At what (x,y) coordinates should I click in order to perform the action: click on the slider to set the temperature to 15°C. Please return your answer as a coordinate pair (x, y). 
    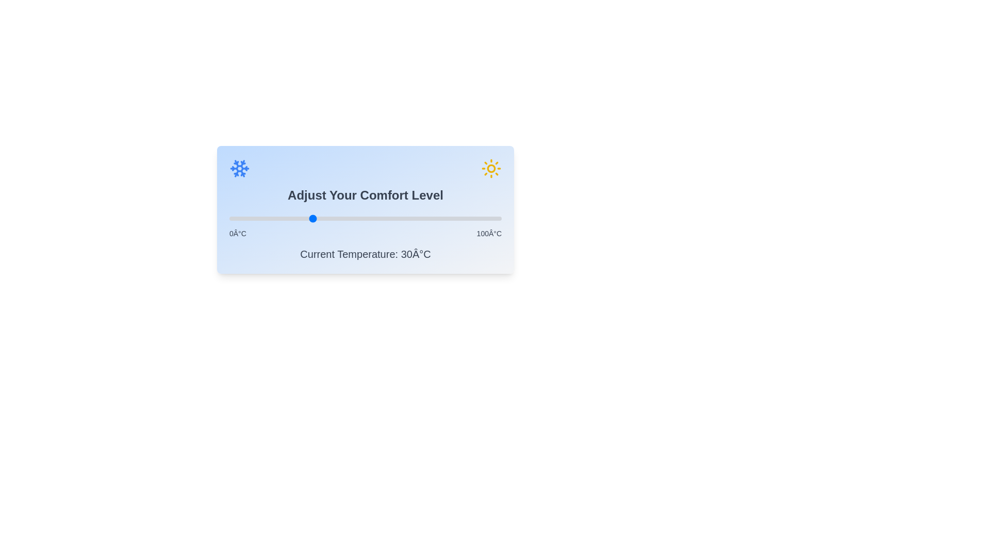
    Looking at the image, I should click on (270, 218).